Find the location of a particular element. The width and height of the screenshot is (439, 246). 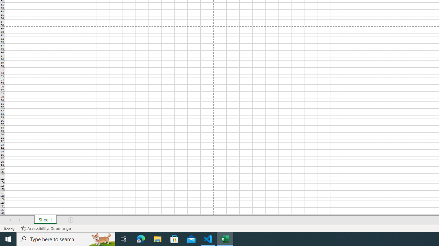

'Sheet1' is located at coordinates (45, 220).